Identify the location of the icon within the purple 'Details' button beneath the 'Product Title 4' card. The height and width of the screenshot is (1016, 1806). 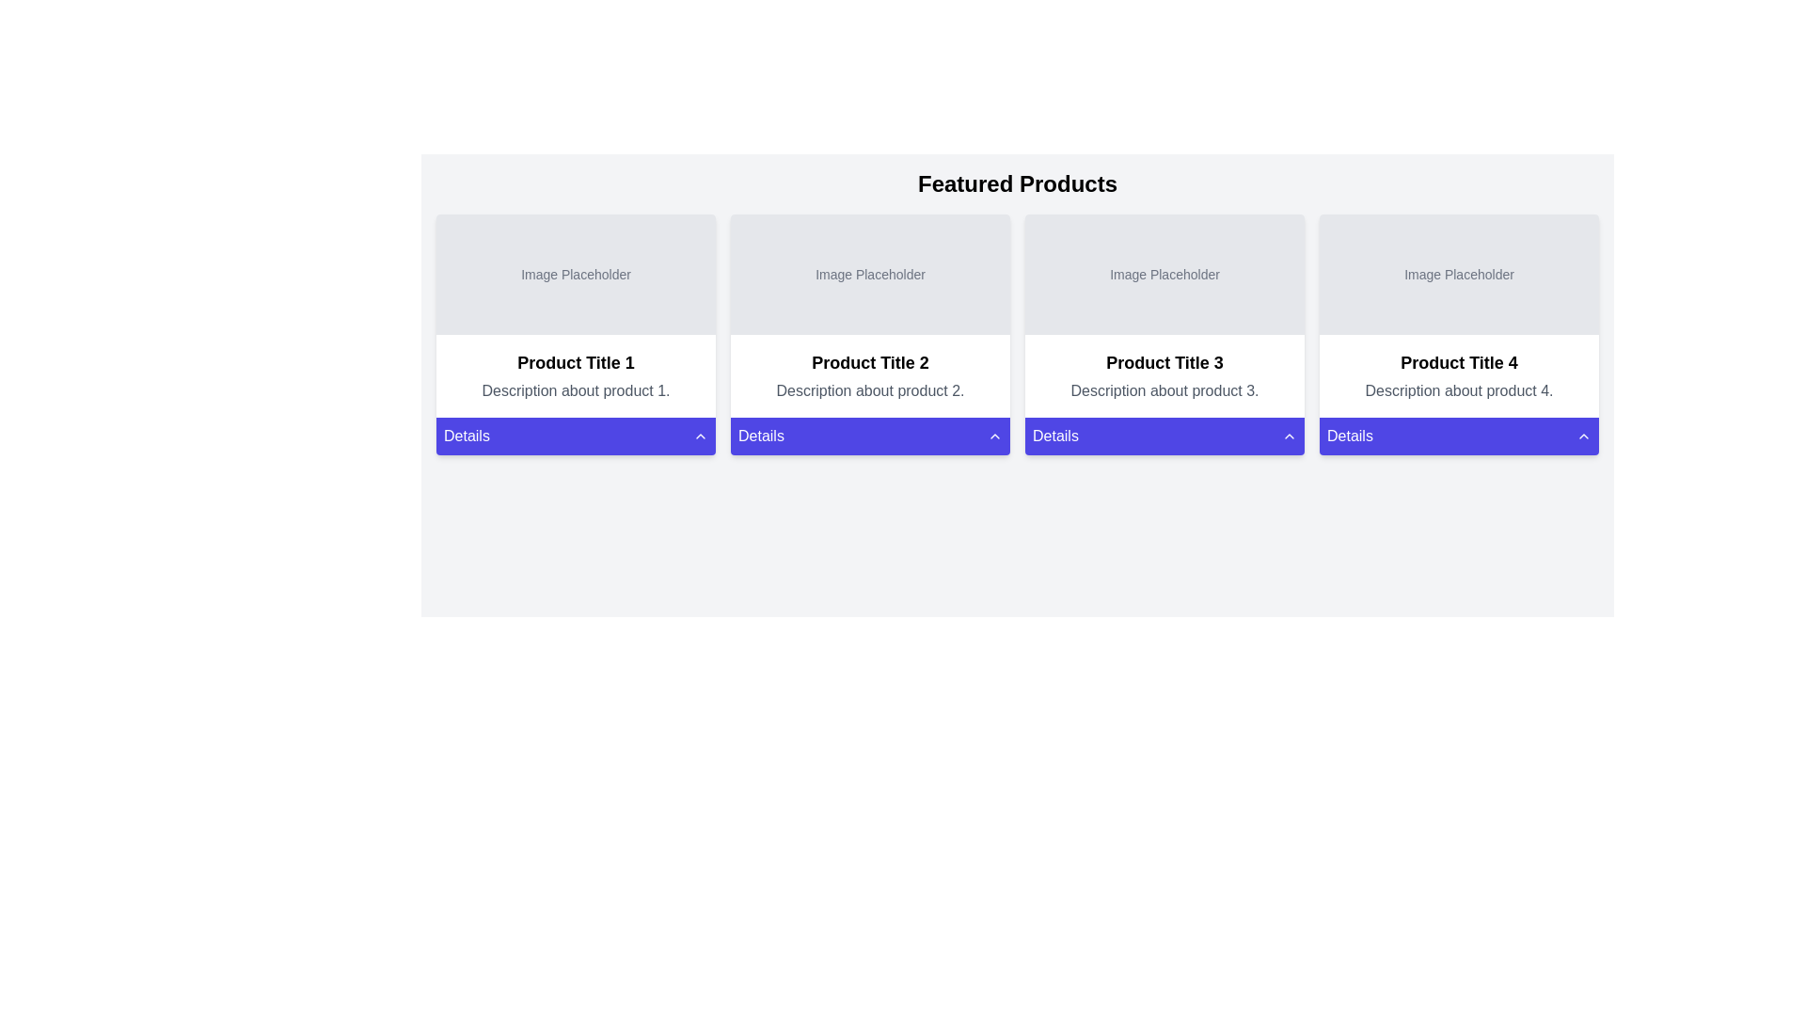
(1289, 436).